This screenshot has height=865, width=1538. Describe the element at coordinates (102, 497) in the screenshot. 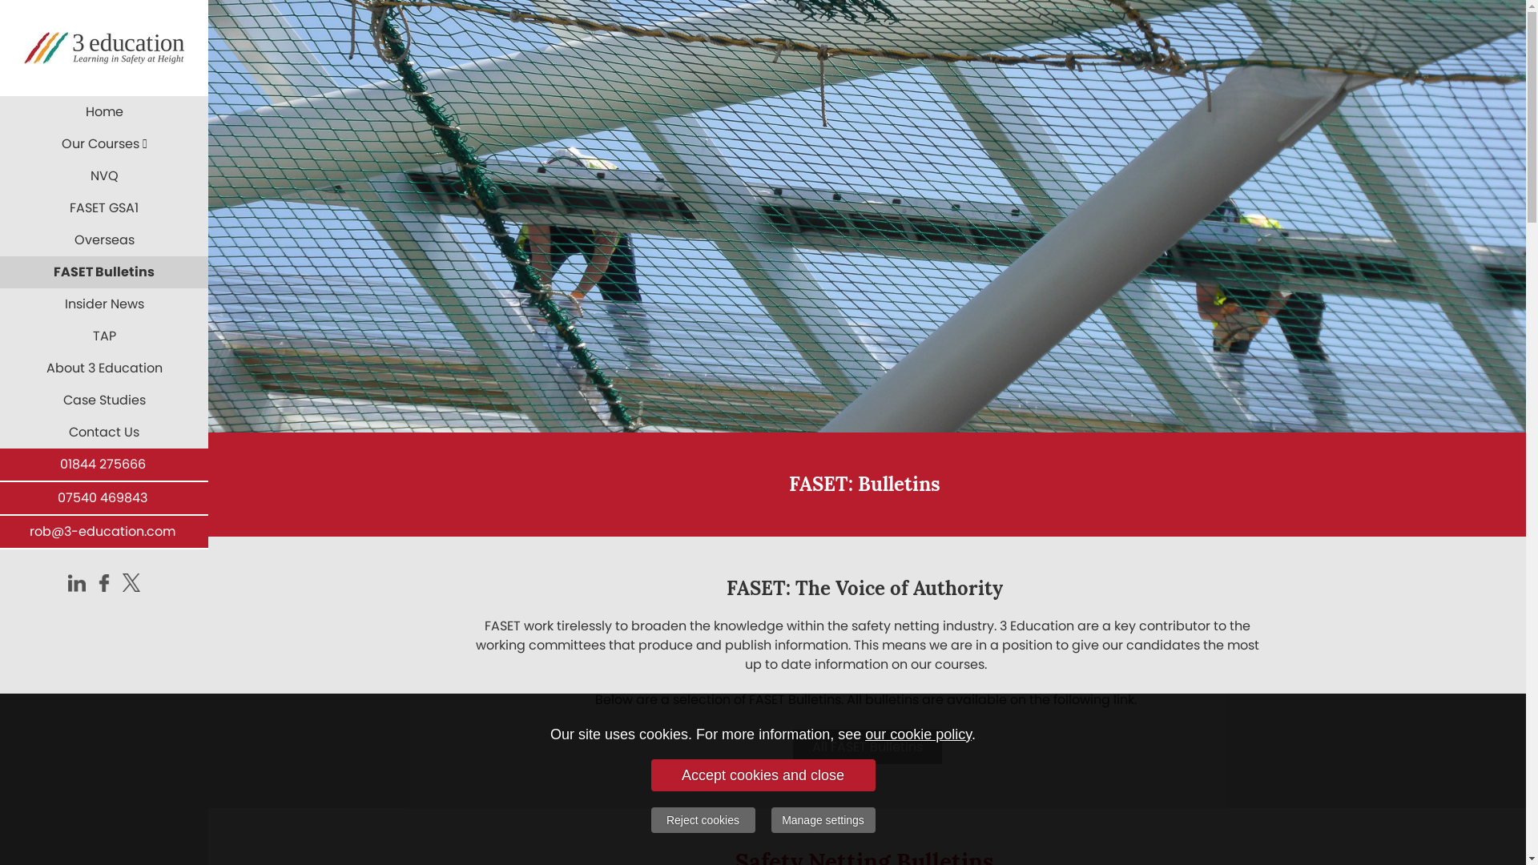

I see `'07540 469843'` at that location.